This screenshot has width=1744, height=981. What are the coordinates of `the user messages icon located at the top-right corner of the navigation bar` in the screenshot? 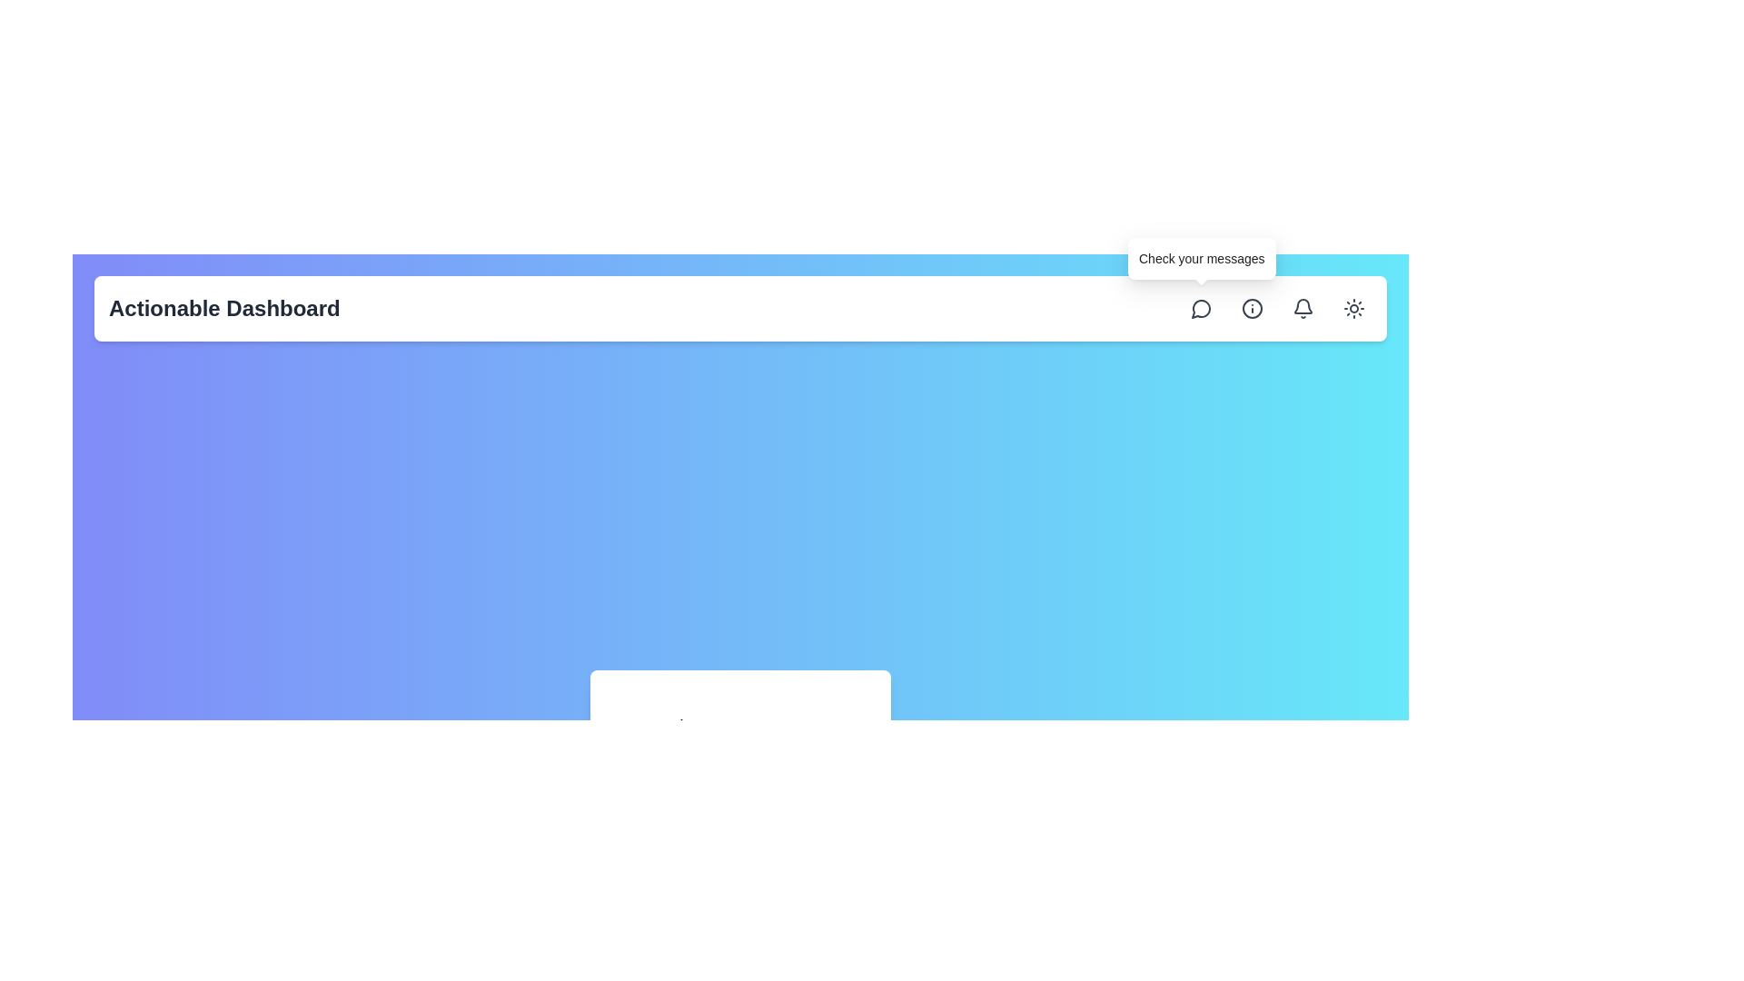 It's located at (1202, 307).